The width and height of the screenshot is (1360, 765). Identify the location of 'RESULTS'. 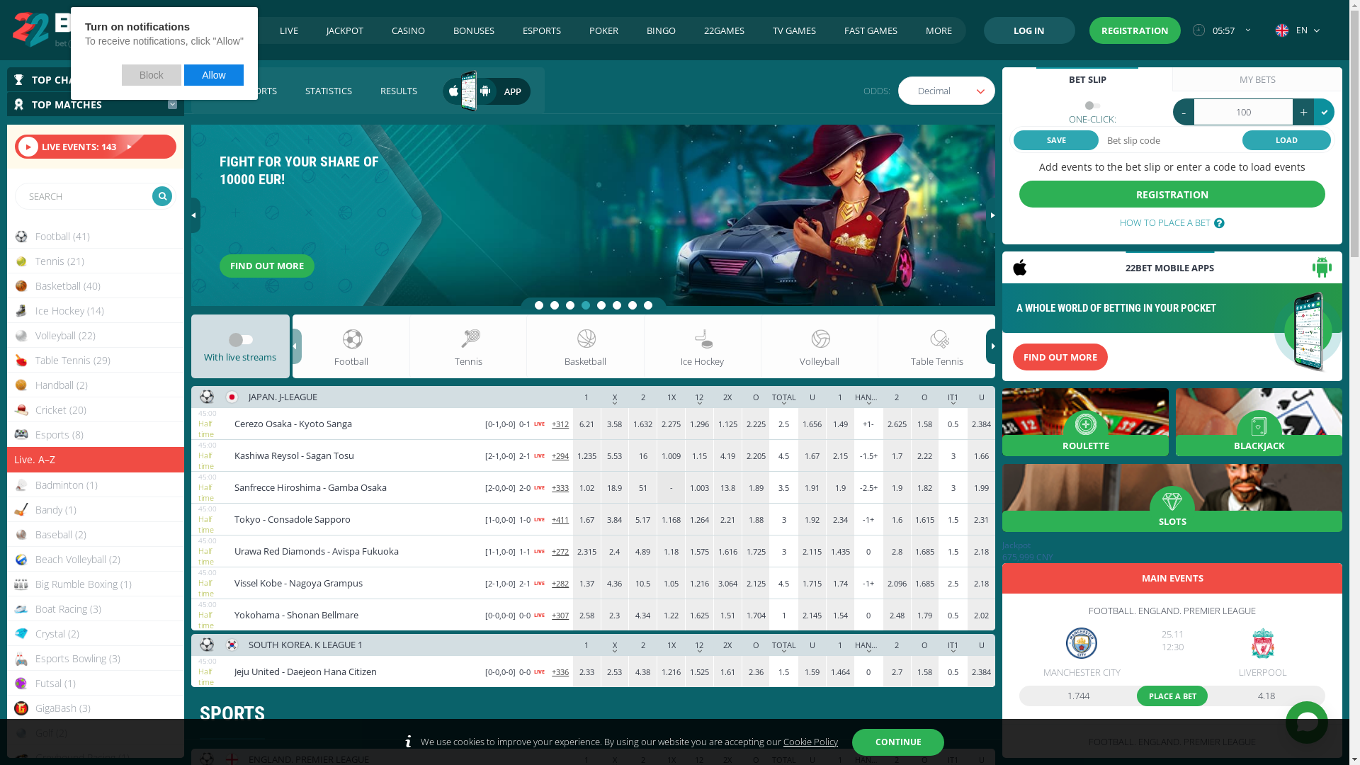
(397, 90).